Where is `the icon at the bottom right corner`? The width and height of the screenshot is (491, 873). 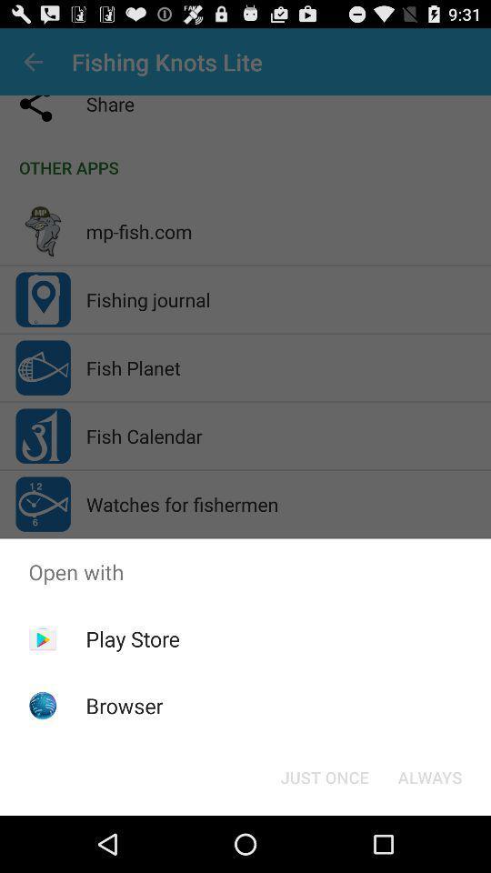 the icon at the bottom right corner is located at coordinates (429, 776).